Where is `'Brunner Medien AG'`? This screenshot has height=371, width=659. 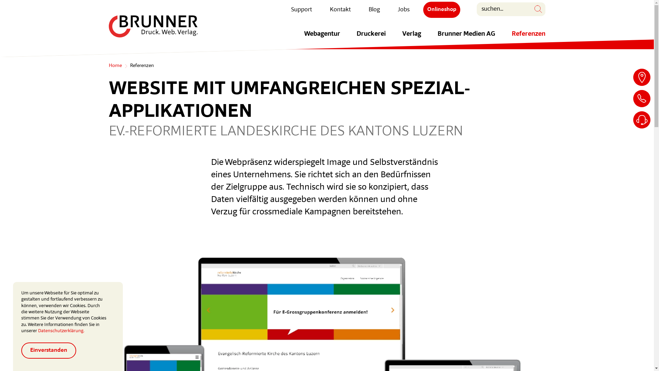
'Brunner Medien AG' is located at coordinates (466, 38).